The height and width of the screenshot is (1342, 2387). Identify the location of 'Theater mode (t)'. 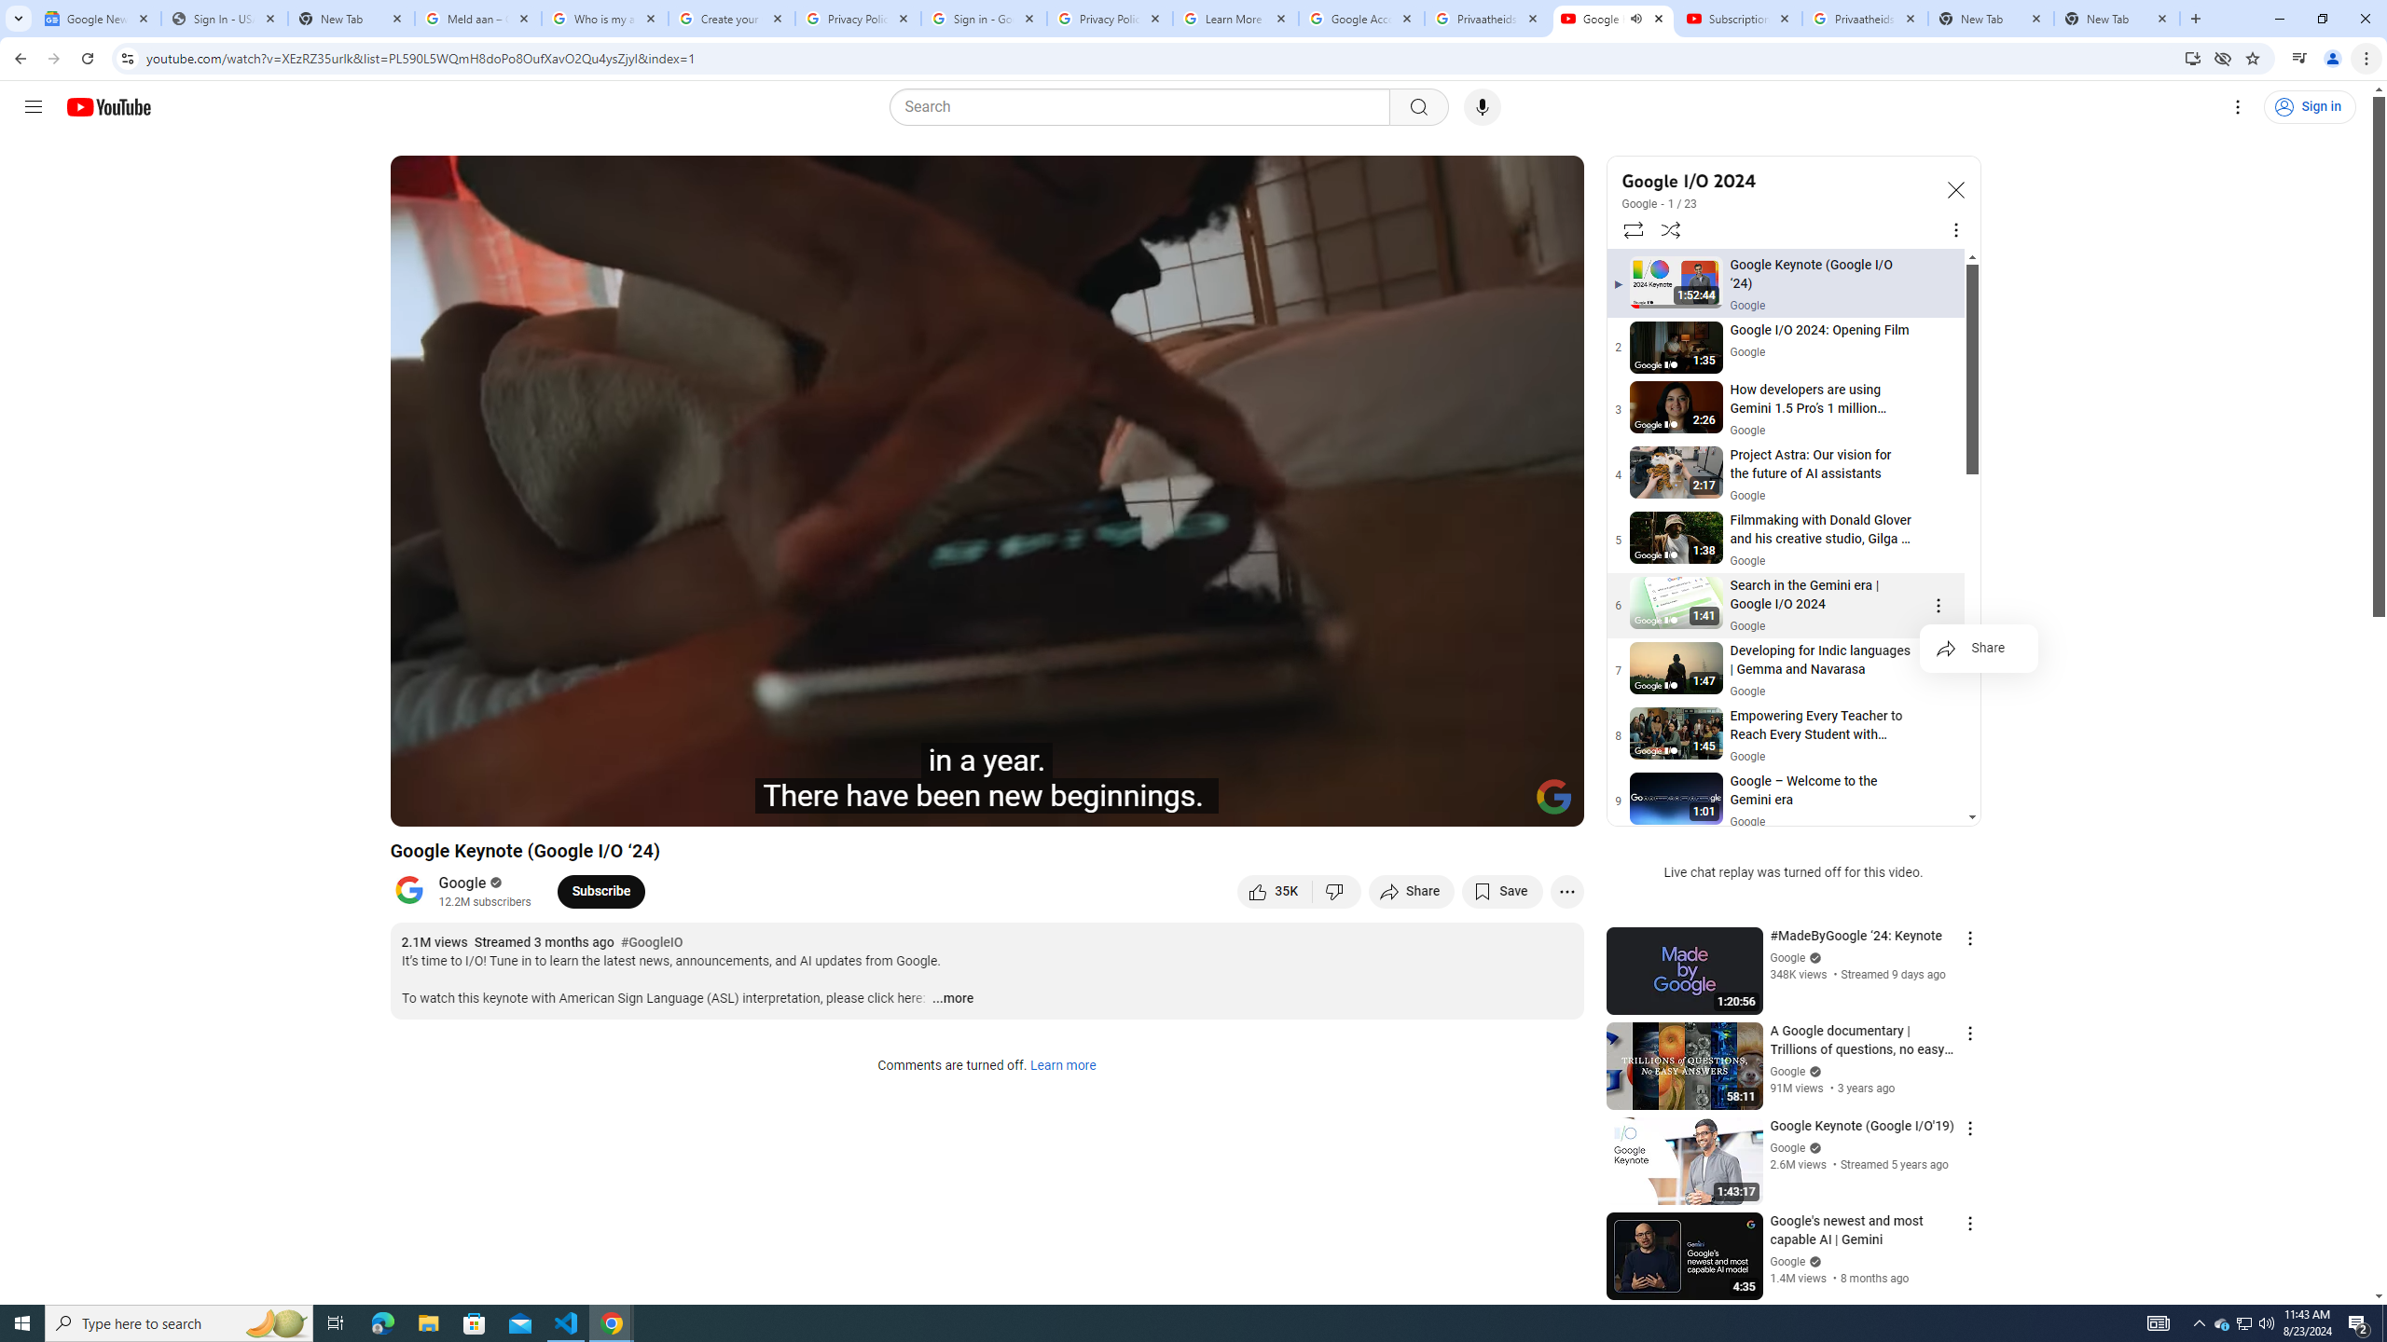
(1505, 803).